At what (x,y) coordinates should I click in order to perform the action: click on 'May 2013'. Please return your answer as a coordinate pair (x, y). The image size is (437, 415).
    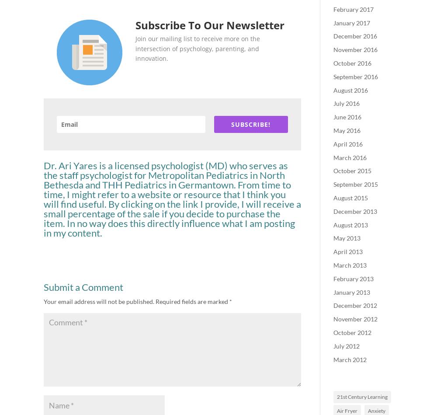
    Looking at the image, I should click on (347, 237).